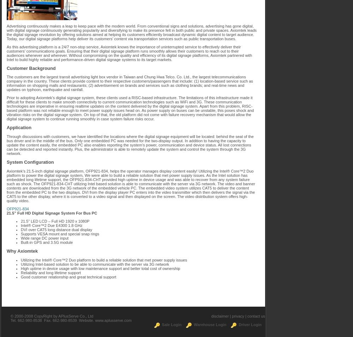 Image resolution: width=353 pixels, height=337 pixels. What do you see at coordinates (44, 237) in the screenshot?
I see `'Wide range DC power input'` at bounding box center [44, 237].